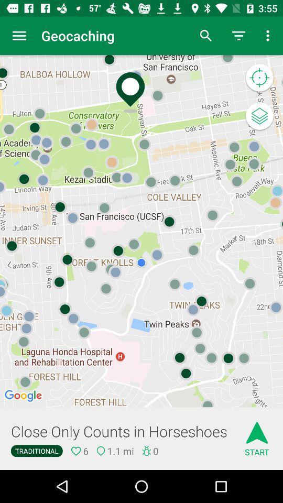 The width and height of the screenshot is (283, 503). What do you see at coordinates (19, 36) in the screenshot?
I see `icon next to geocaching item` at bounding box center [19, 36].